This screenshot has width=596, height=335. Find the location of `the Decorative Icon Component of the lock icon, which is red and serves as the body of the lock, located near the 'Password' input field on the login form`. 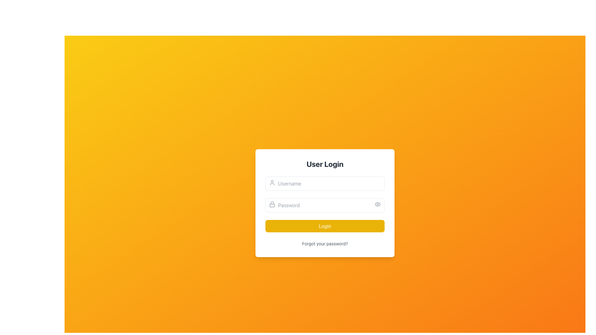

the Decorative Icon Component of the lock icon, which is red and serves as the body of the lock, located near the 'Password' input field on the login form is located at coordinates (272, 205).